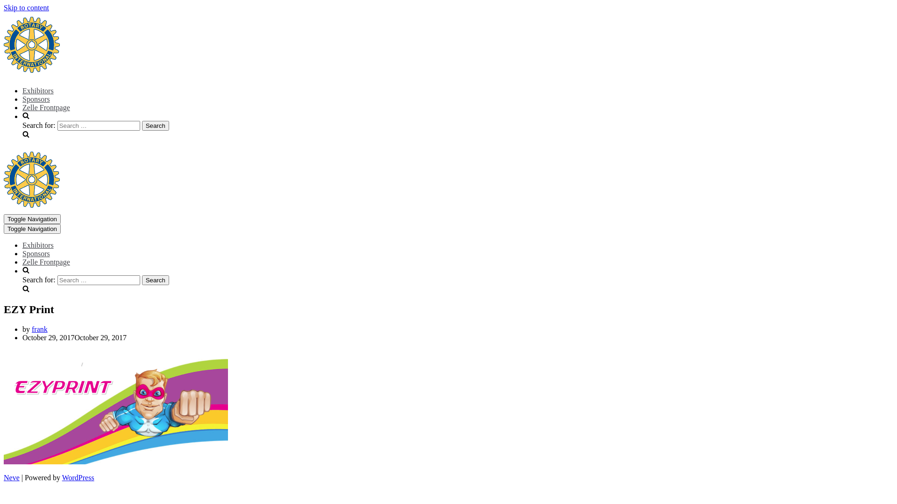  I want to click on 'frank', so click(39, 329).